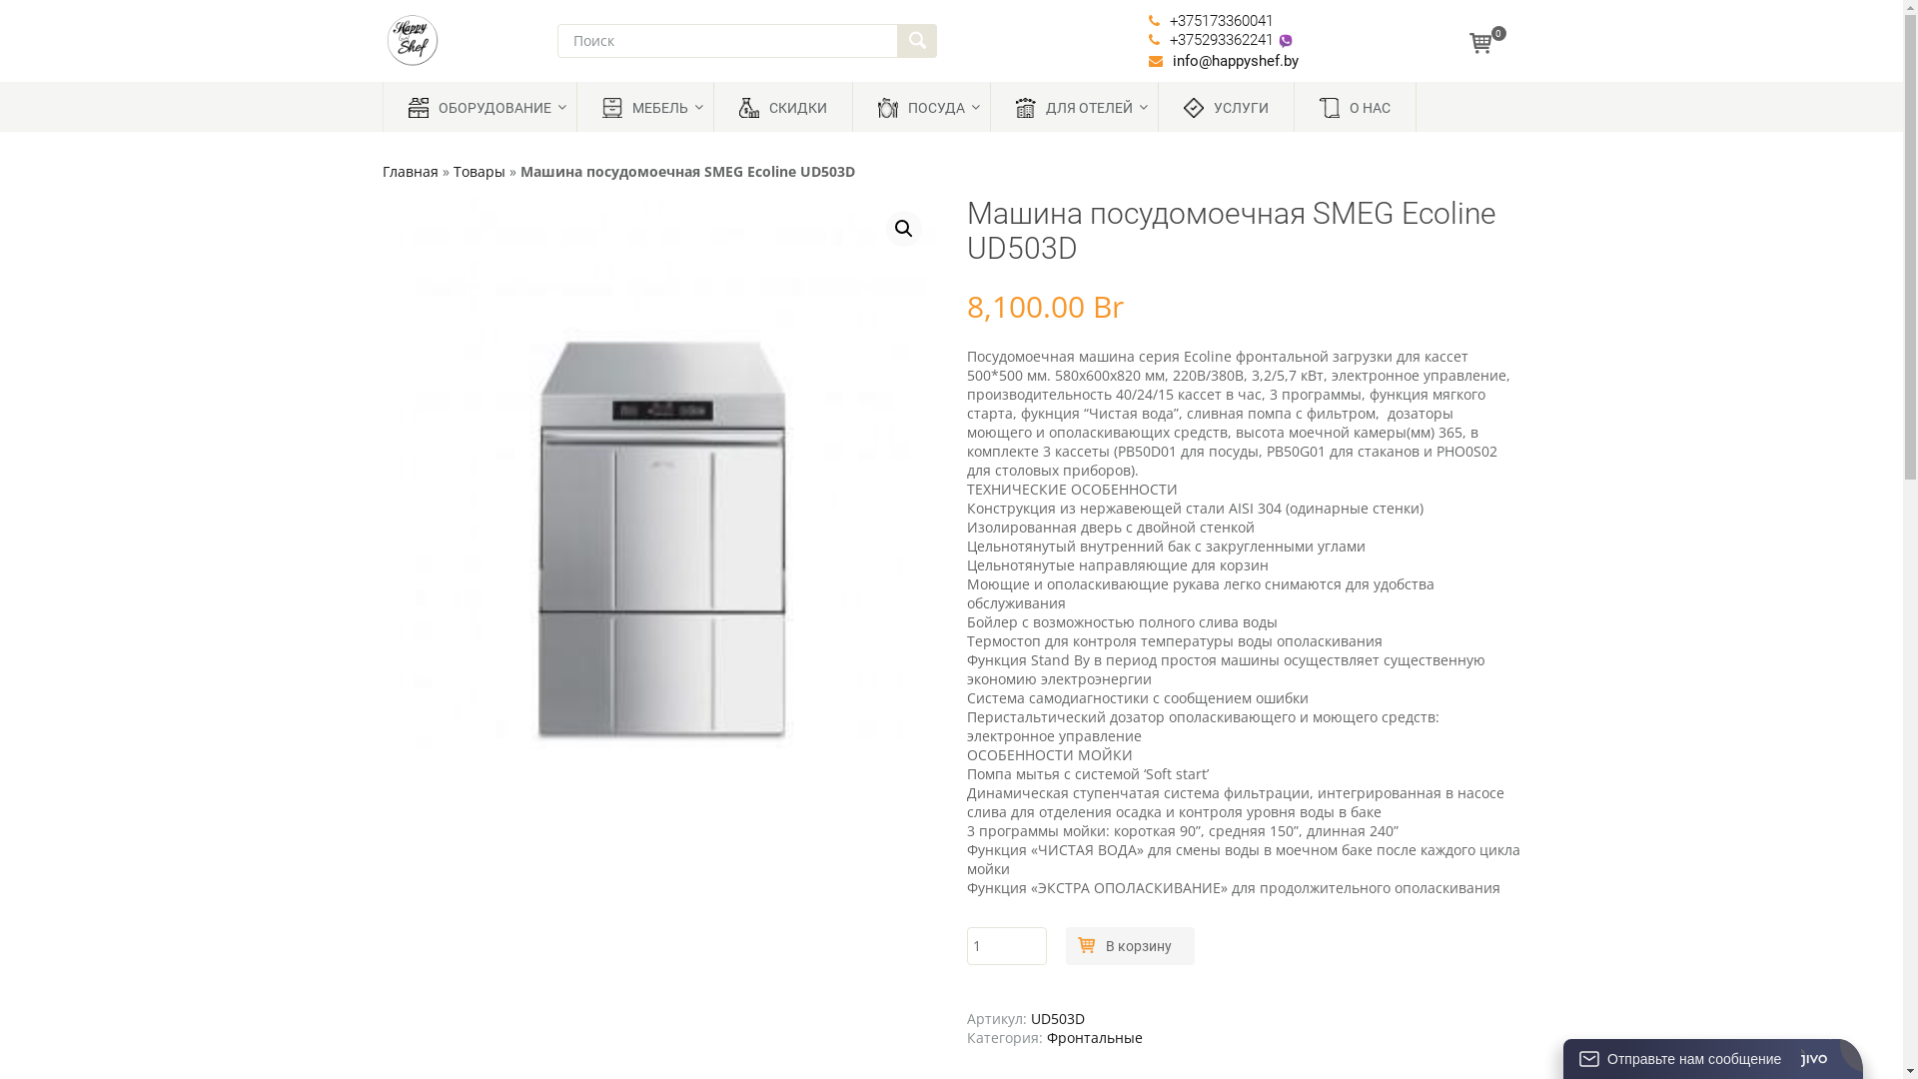  What do you see at coordinates (895, 41) in the screenshot?
I see `'Find'` at bounding box center [895, 41].